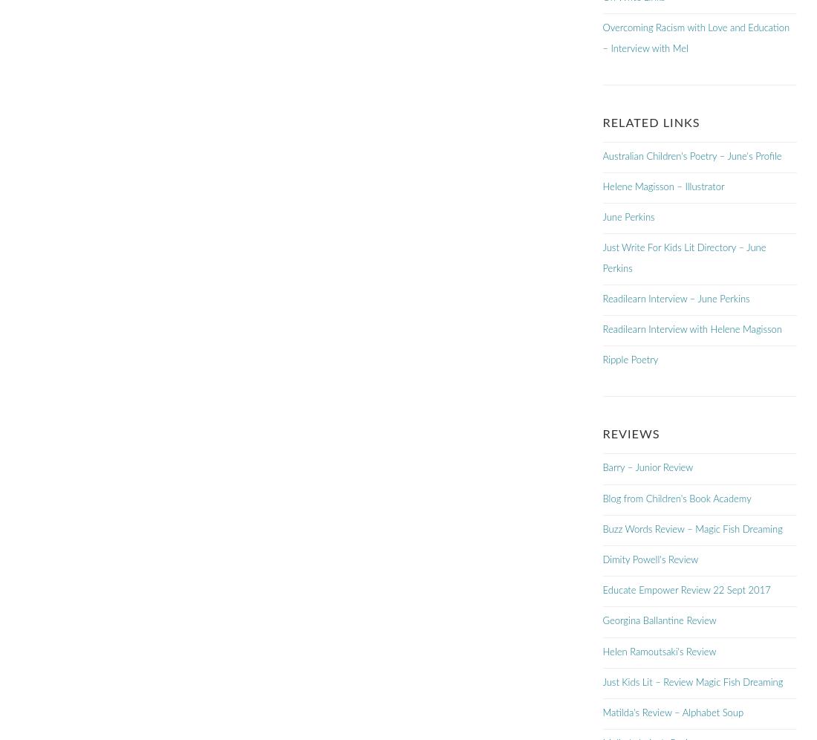  I want to click on 'Overcoming Racism with Love and Education – Interview with Mel', so click(695, 37).